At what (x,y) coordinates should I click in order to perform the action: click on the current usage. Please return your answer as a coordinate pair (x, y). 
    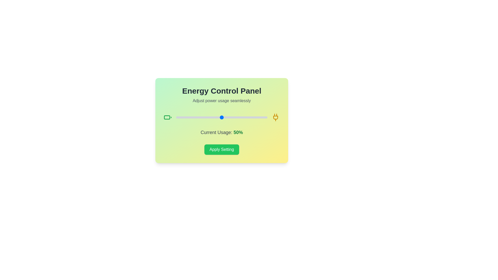
    Looking at the image, I should click on (237, 117).